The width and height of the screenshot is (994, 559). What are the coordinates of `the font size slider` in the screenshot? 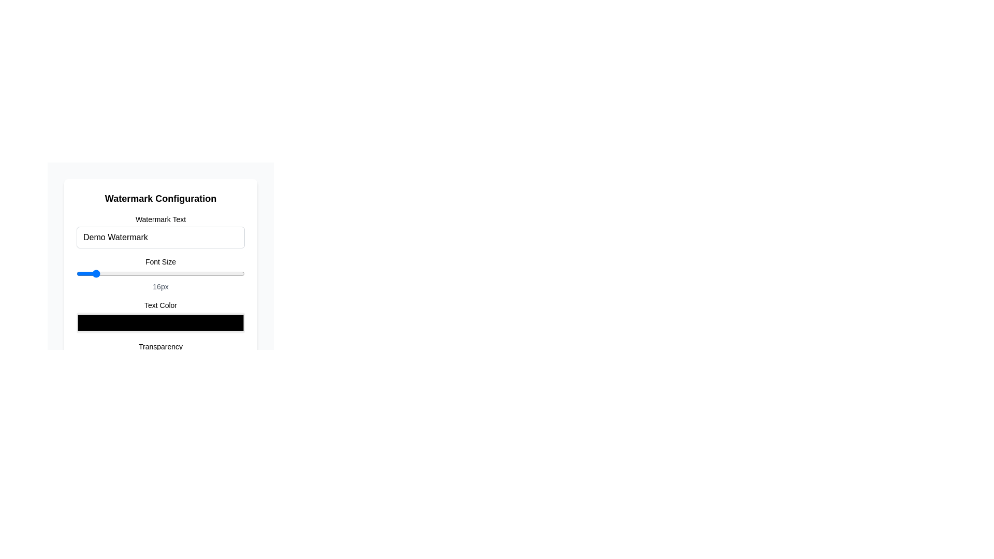 It's located at (98, 273).